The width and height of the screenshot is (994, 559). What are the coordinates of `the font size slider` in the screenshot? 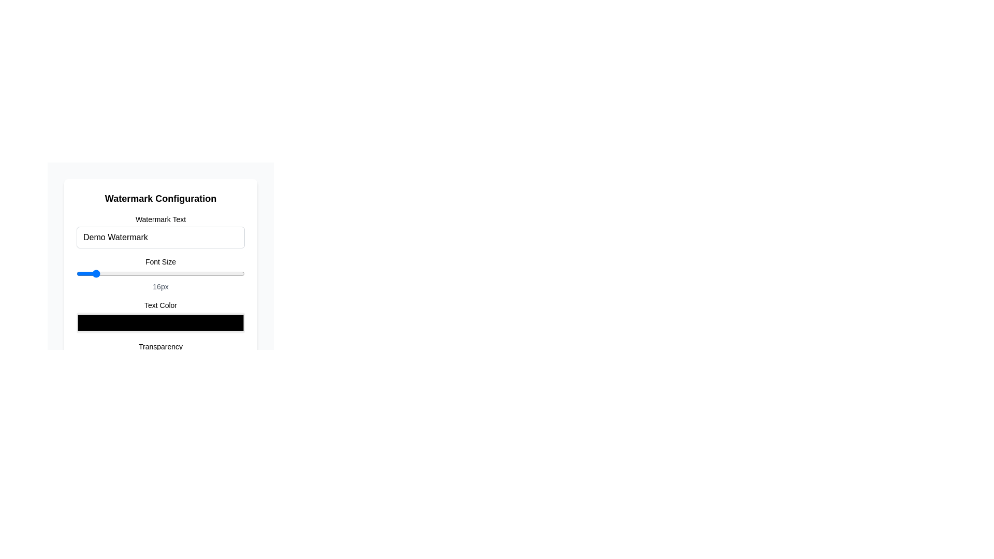 It's located at (98, 273).